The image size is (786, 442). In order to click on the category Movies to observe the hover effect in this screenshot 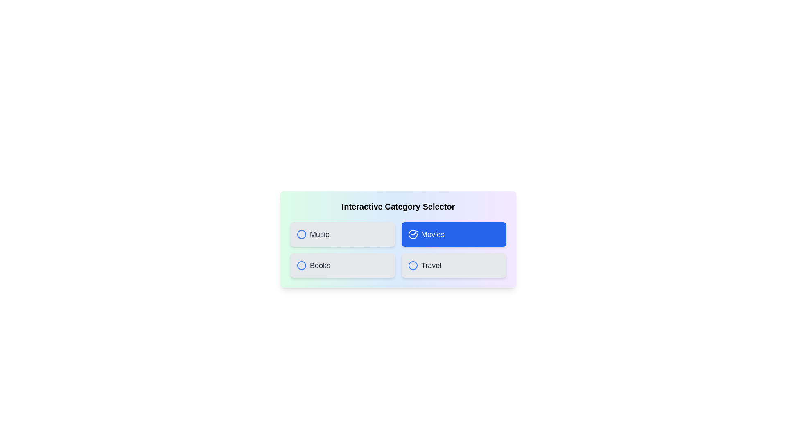, I will do `click(453, 235)`.